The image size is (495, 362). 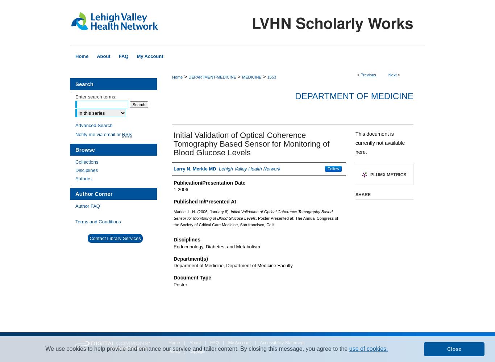 What do you see at coordinates (255, 221) in the screenshot?
I see `'. Poster Presented at: The Annual Congress of the Society of Critical Care Medicine, San francisco, Calif.'` at bounding box center [255, 221].